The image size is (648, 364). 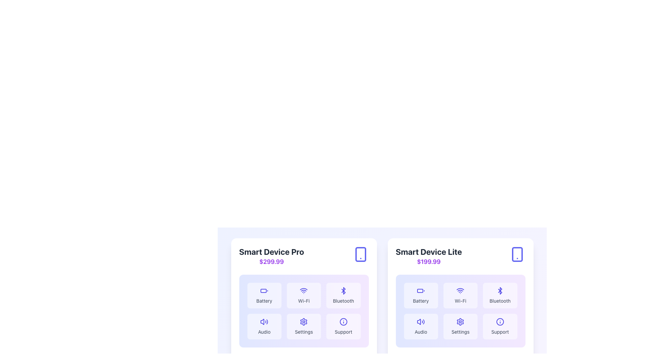 What do you see at coordinates (303, 331) in the screenshot?
I see `the 'Settings' text label, which is styled in gray and located below the cogwheel icon in the lower-right quadrant of the grid layout` at bounding box center [303, 331].